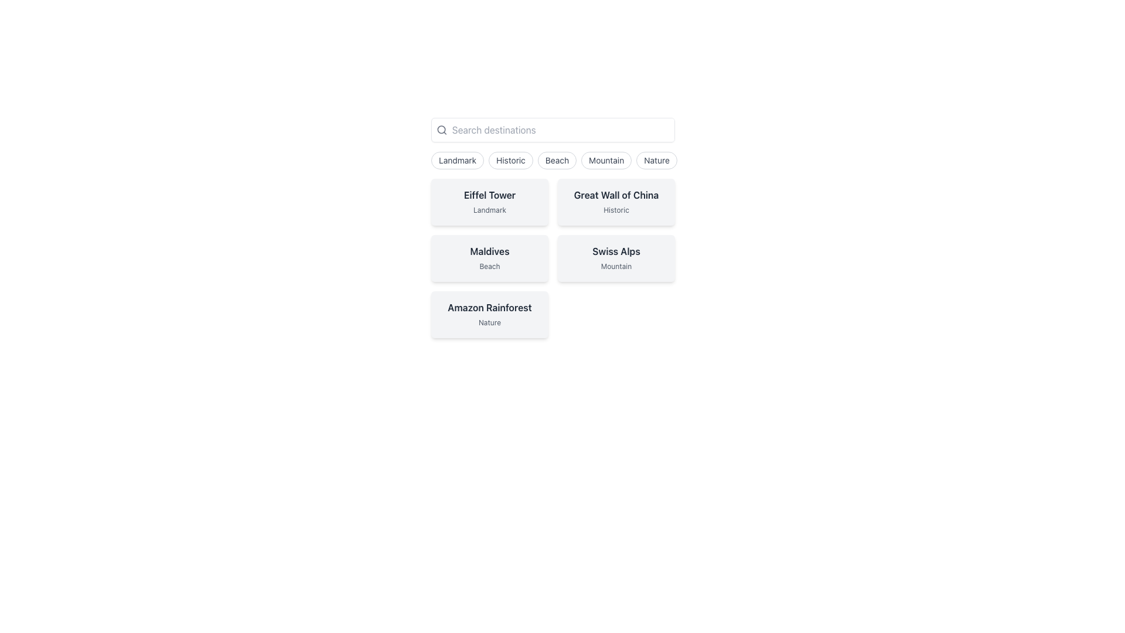 This screenshot has height=633, width=1125. I want to click on the circular base of the search icon, which is part of an SVG representation located at the leftmost point of the search input field in the top section of the user interface, so click(441, 130).